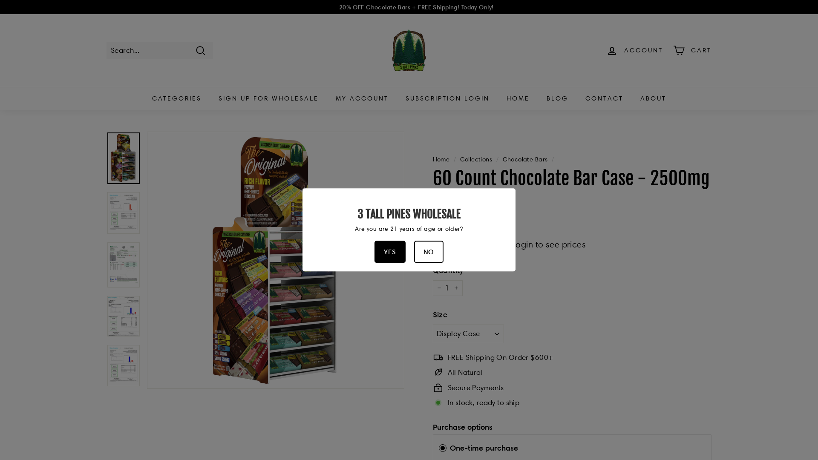 The width and height of the screenshot is (818, 460). Describe the element at coordinates (327, 98) in the screenshot. I see `'MY ACCOUNT'` at that location.